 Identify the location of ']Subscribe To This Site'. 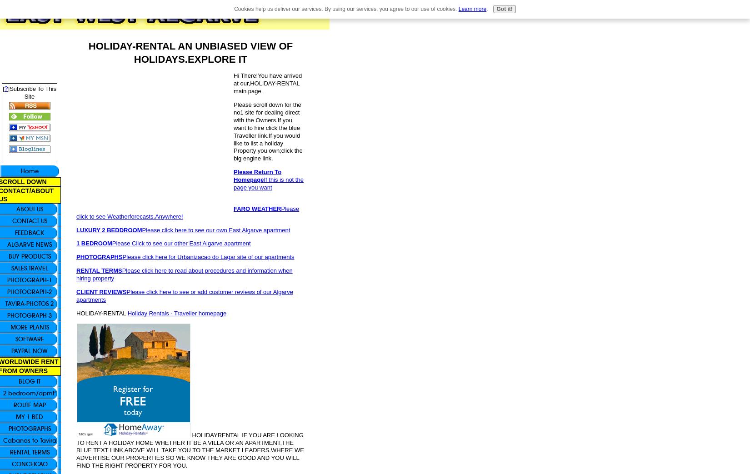
(32, 92).